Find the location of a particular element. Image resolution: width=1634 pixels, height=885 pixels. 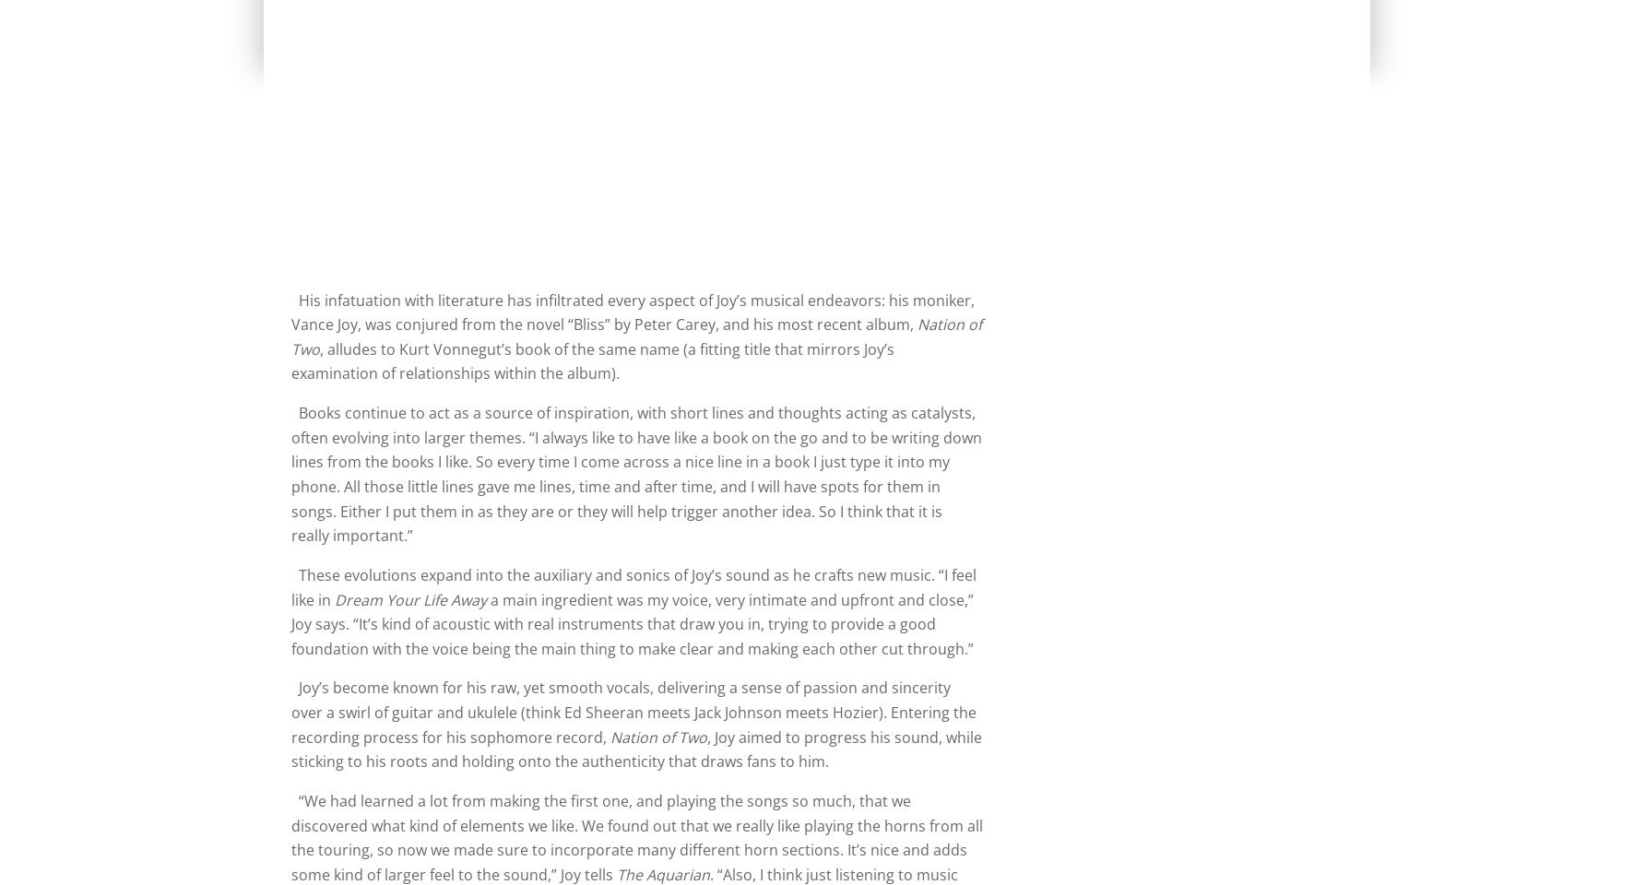

', alludes to Kurt Vonnegut’s book of the same name (a fitting title that mirrors Joy’s examination of relationships within the album).' is located at coordinates (593, 360).